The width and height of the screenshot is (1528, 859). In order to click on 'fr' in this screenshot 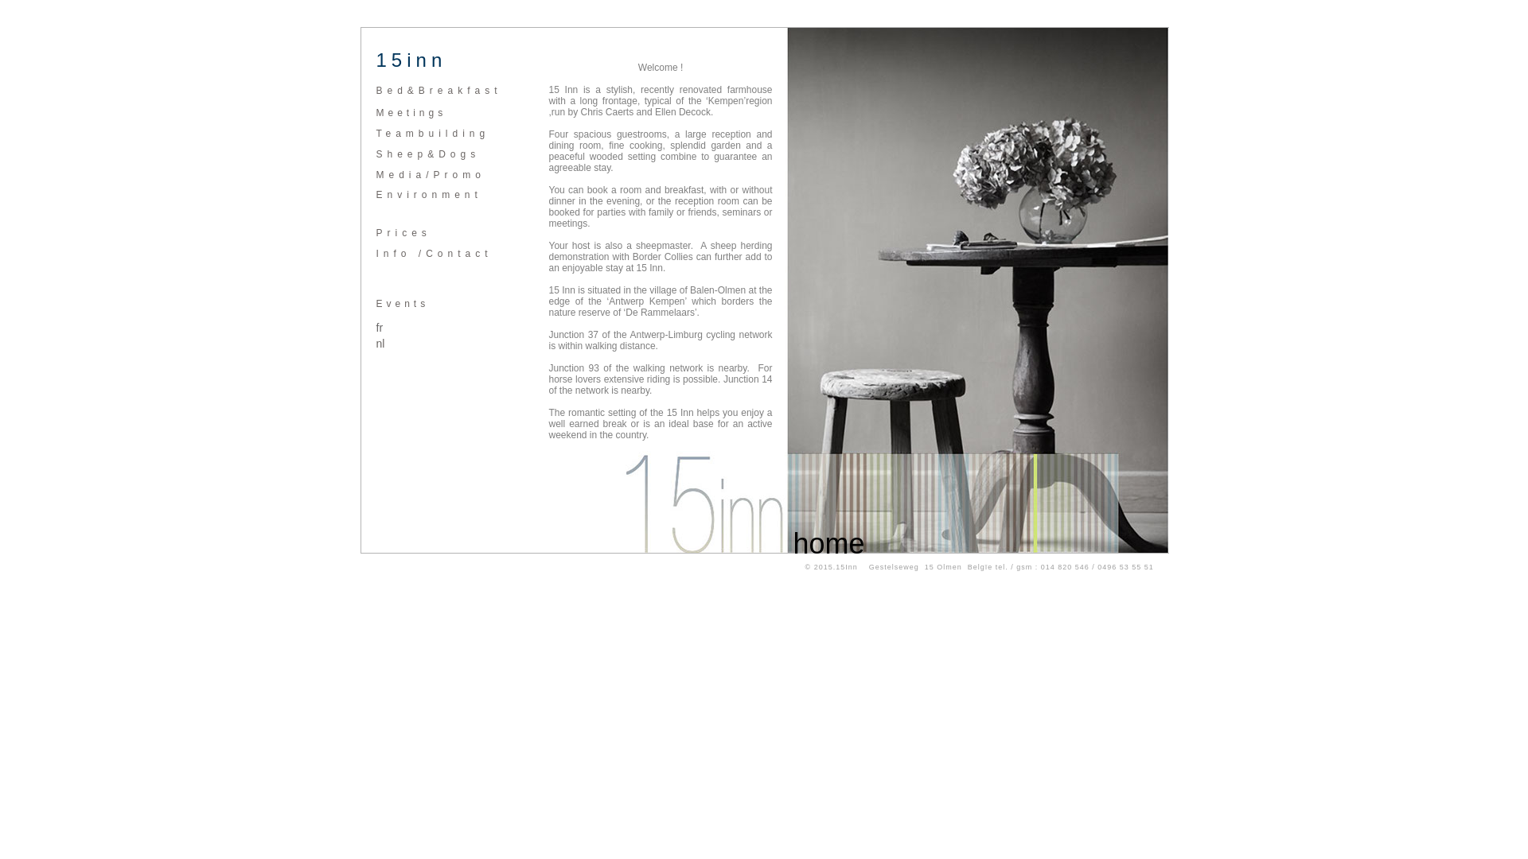, I will do `click(374, 327)`.